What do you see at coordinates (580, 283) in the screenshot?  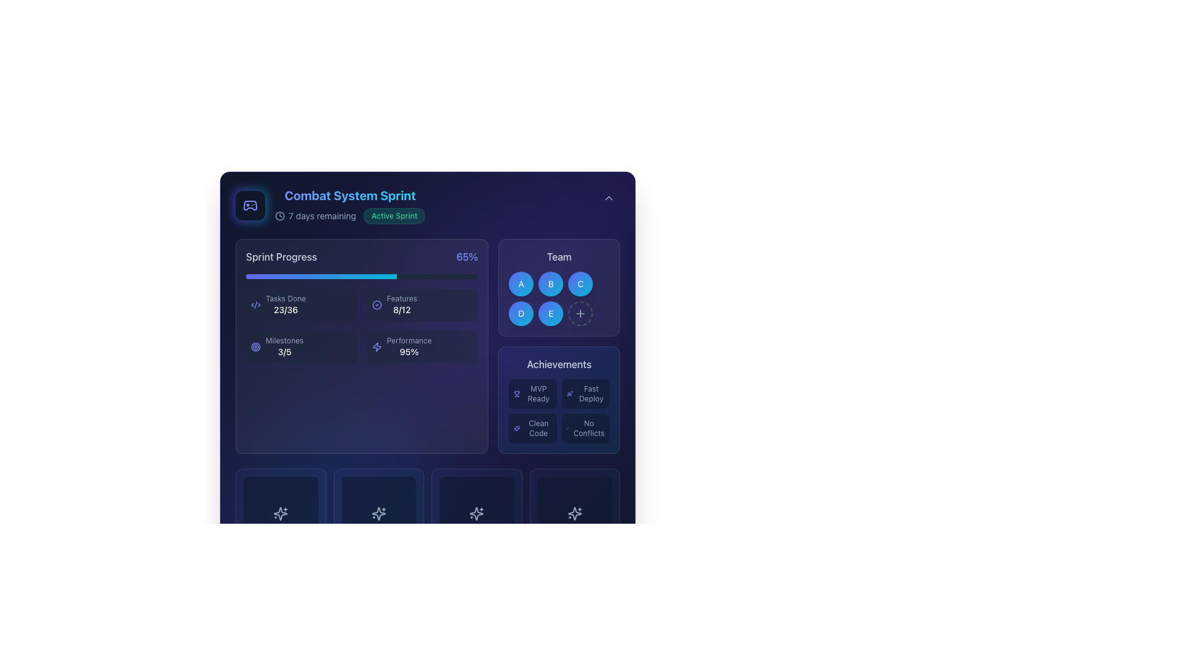 I see `the third circular badge in the 'Team' section, which is static and serves as a visual representation, located between the buttons labeled 'B' and 'D'` at bounding box center [580, 283].